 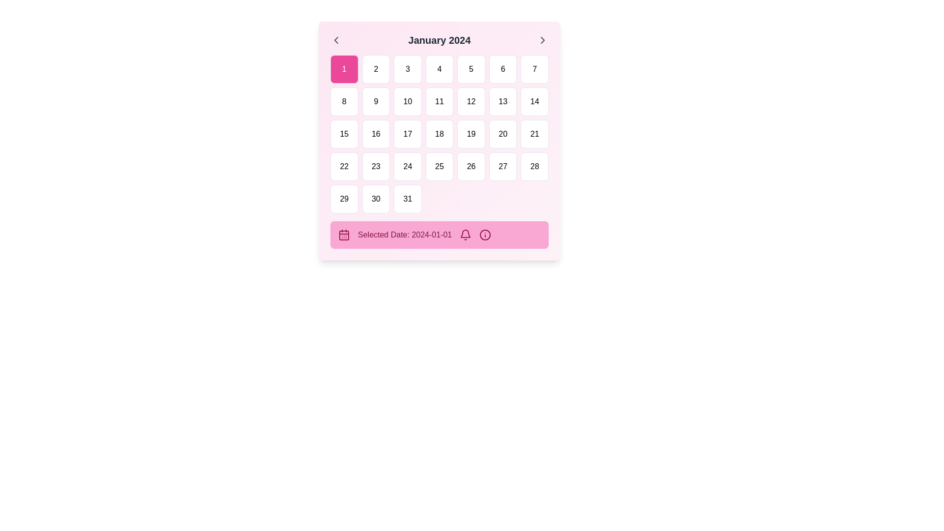 What do you see at coordinates (408, 166) in the screenshot?
I see `the calendar date cell representing the 24th day` at bounding box center [408, 166].